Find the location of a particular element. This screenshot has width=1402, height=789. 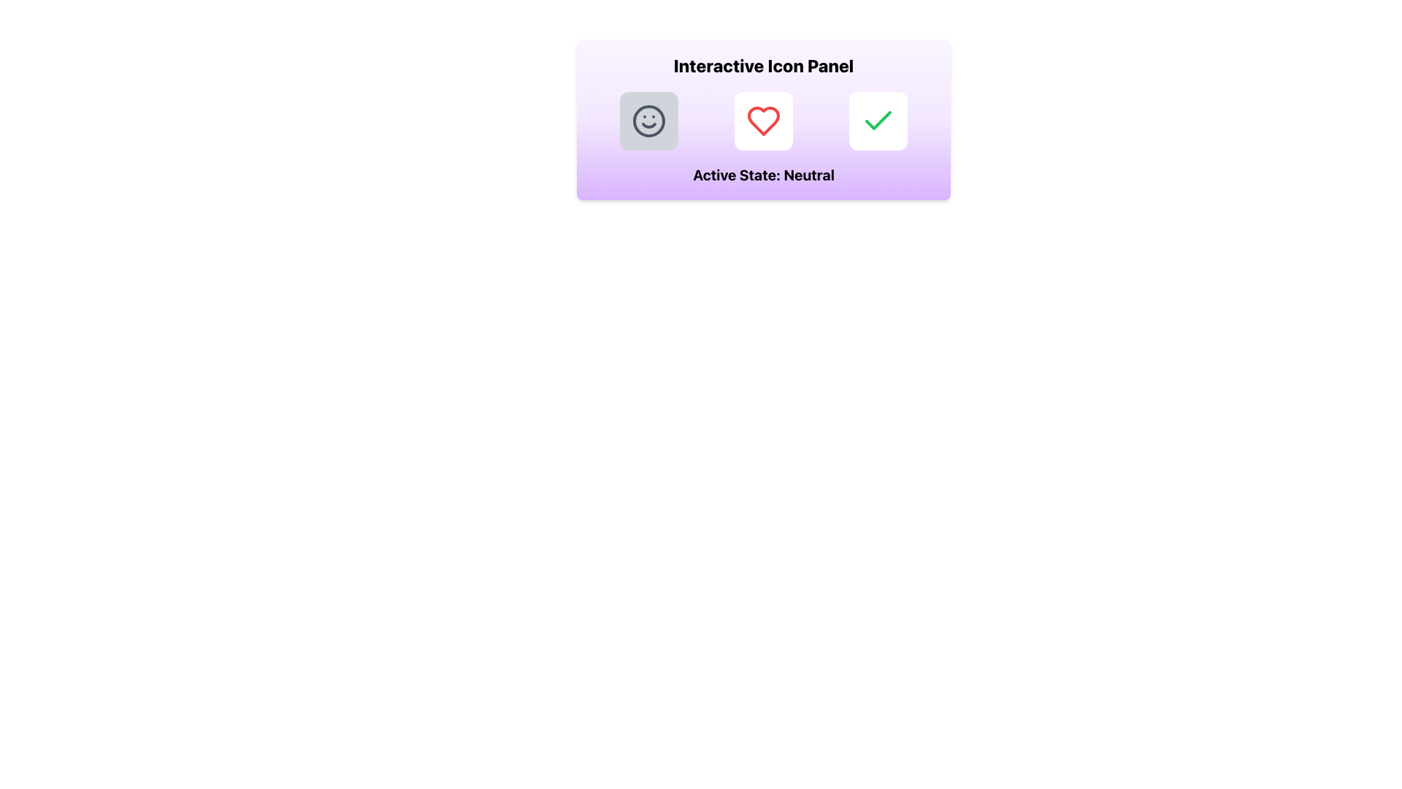

the Static Text Label displaying 'Active State: neutral' positioned under the 'Interactive Icon Panel' header is located at coordinates (763, 174).